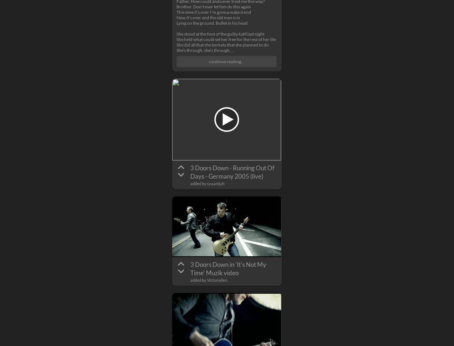  Describe the element at coordinates (213, 6) in the screenshot. I see `'Brother. Don't ever let him do this again'` at that location.